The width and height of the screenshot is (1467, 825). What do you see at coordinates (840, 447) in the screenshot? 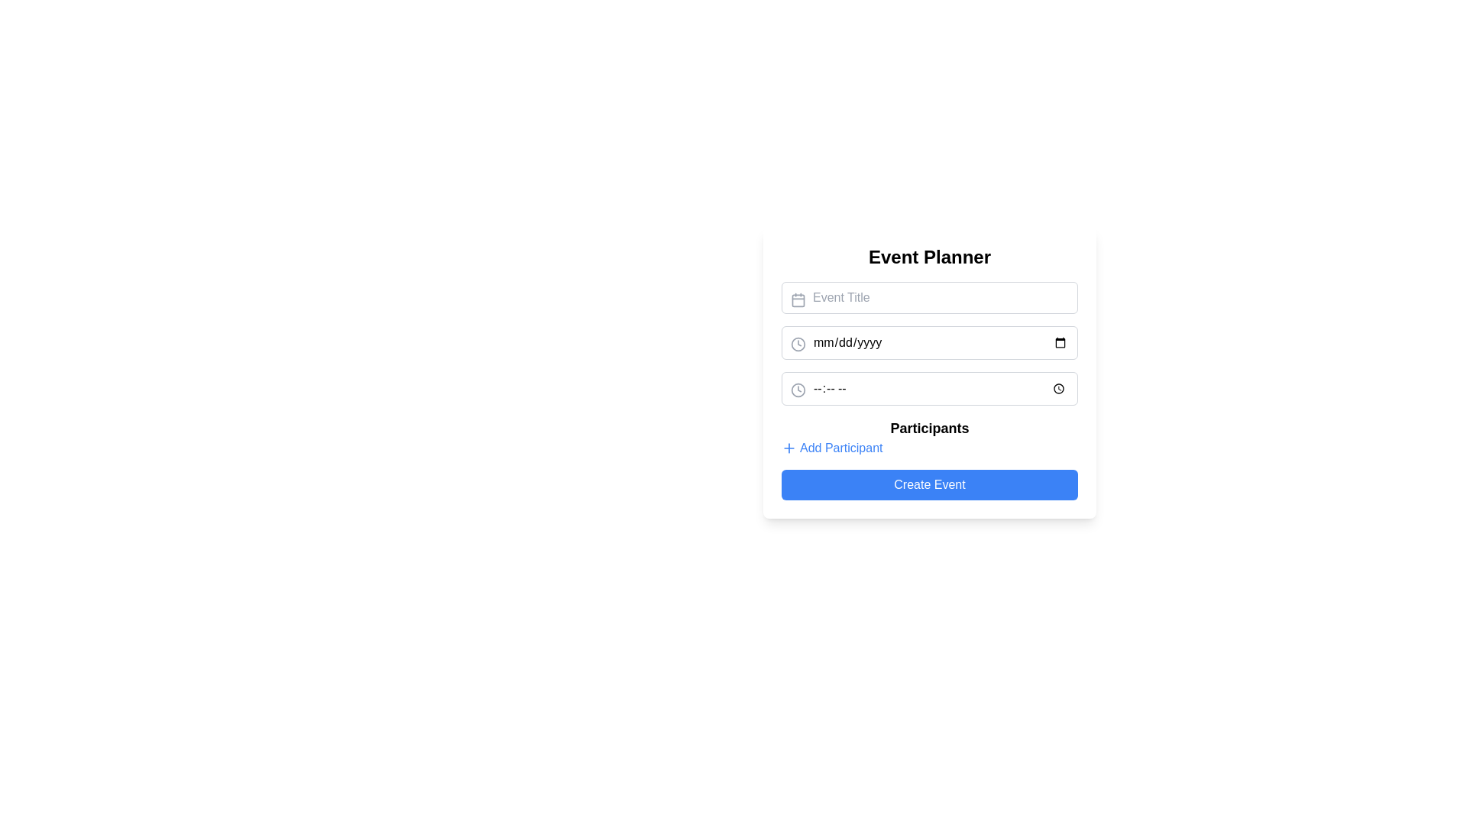
I see `the 'Add Participant' text label located in the 'Event Planner' form interface underneath the 'Participants' heading to initiate adding a participant` at bounding box center [840, 447].